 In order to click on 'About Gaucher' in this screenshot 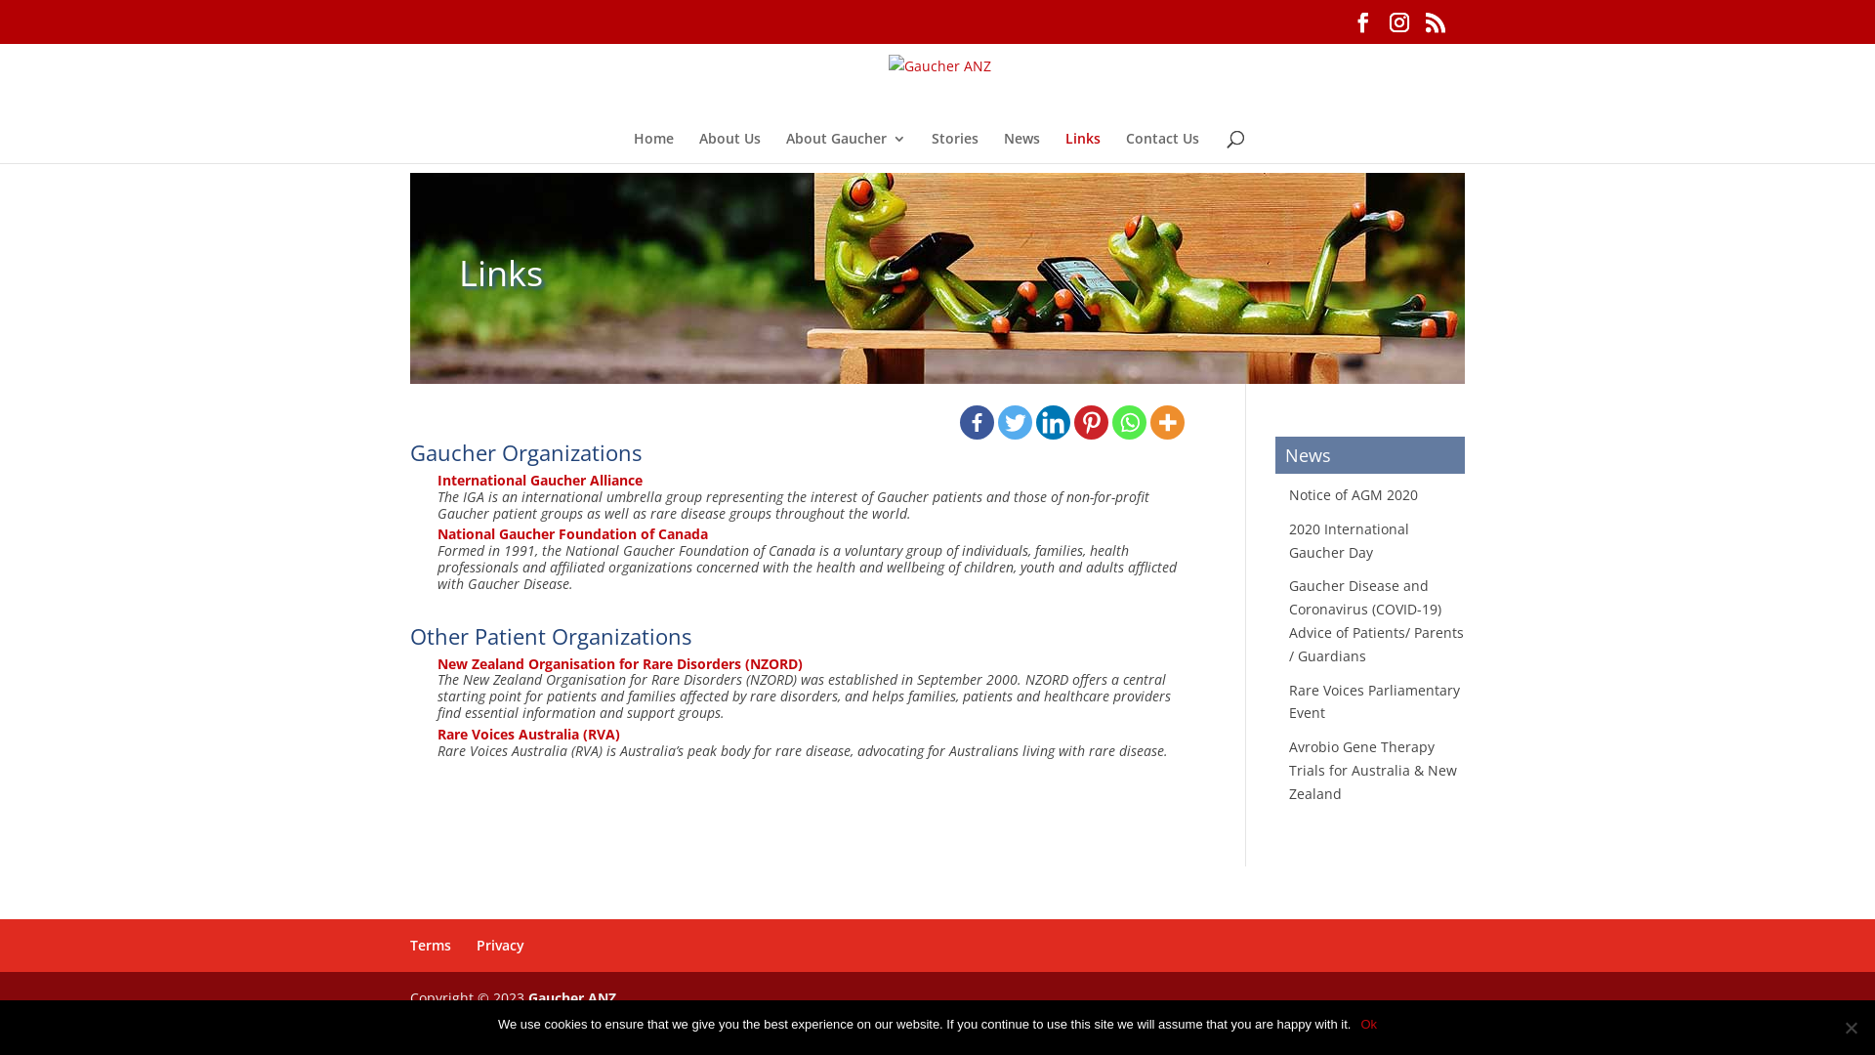, I will do `click(785, 146)`.